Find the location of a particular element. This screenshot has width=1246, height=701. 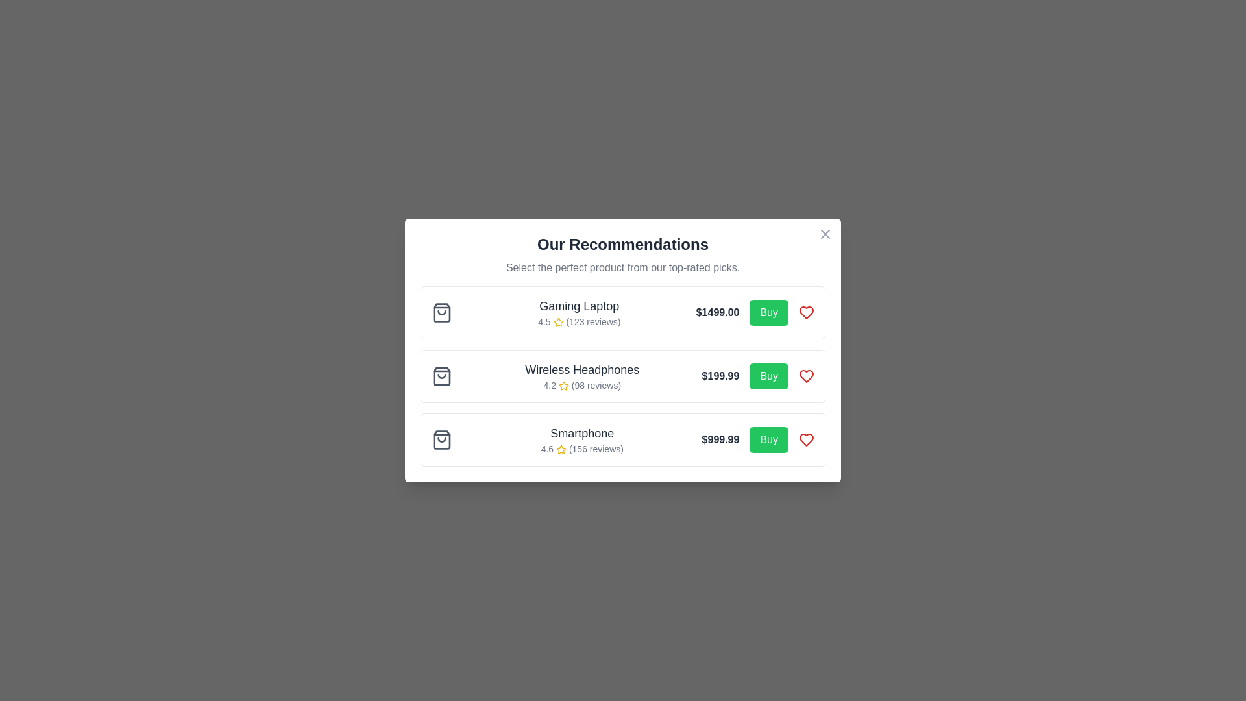

the heart icon button associated with the 'Smartphone' entry to mark it as a favorite is located at coordinates (806, 439).